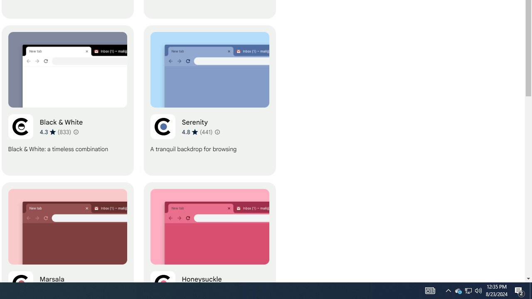 The width and height of the screenshot is (532, 299). Describe the element at coordinates (55, 131) in the screenshot. I see `'Average rating 4.3 out of 5 stars. 833 ratings.'` at that location.